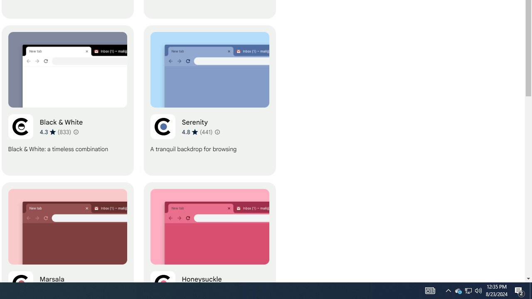 The width and height of the screenshot is (532, 299). Describe the element at coordinates (55, 131) in the screenshot. I see `'Average rating 4.3 out of 5 stars. 833 ratings.'` at that location.